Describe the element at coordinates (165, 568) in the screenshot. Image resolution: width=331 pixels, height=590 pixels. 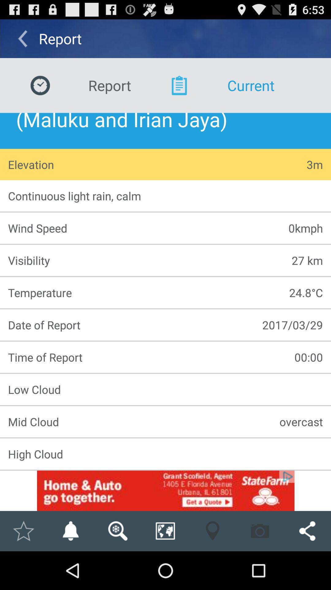
I see `the globe icon` at that location.